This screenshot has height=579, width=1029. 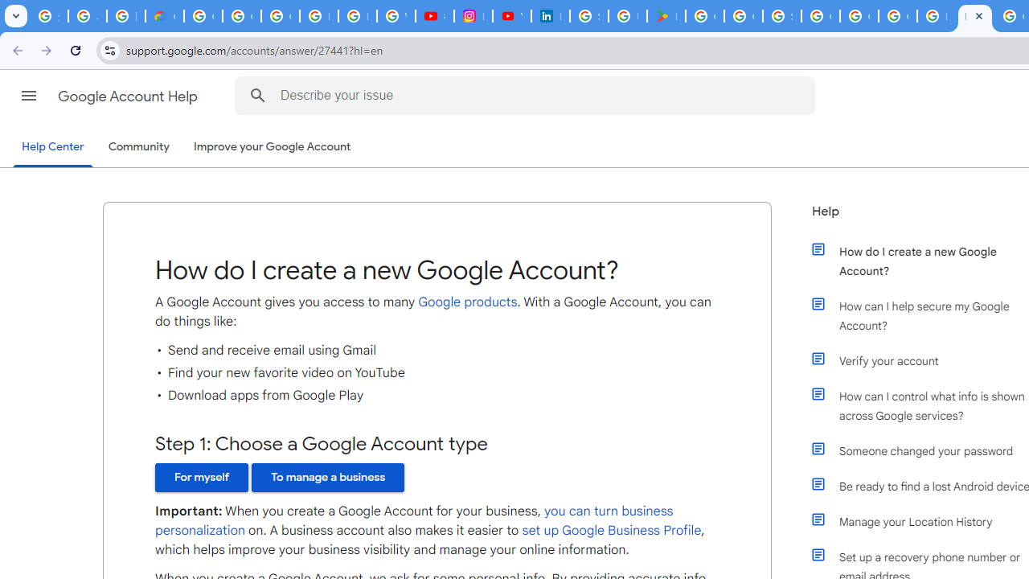 What do you see at coordinates (974, 16) in the screenshot?
I see `'How do I create a new Google Account? - Google Account Help'` at bounding box center [974, 16].